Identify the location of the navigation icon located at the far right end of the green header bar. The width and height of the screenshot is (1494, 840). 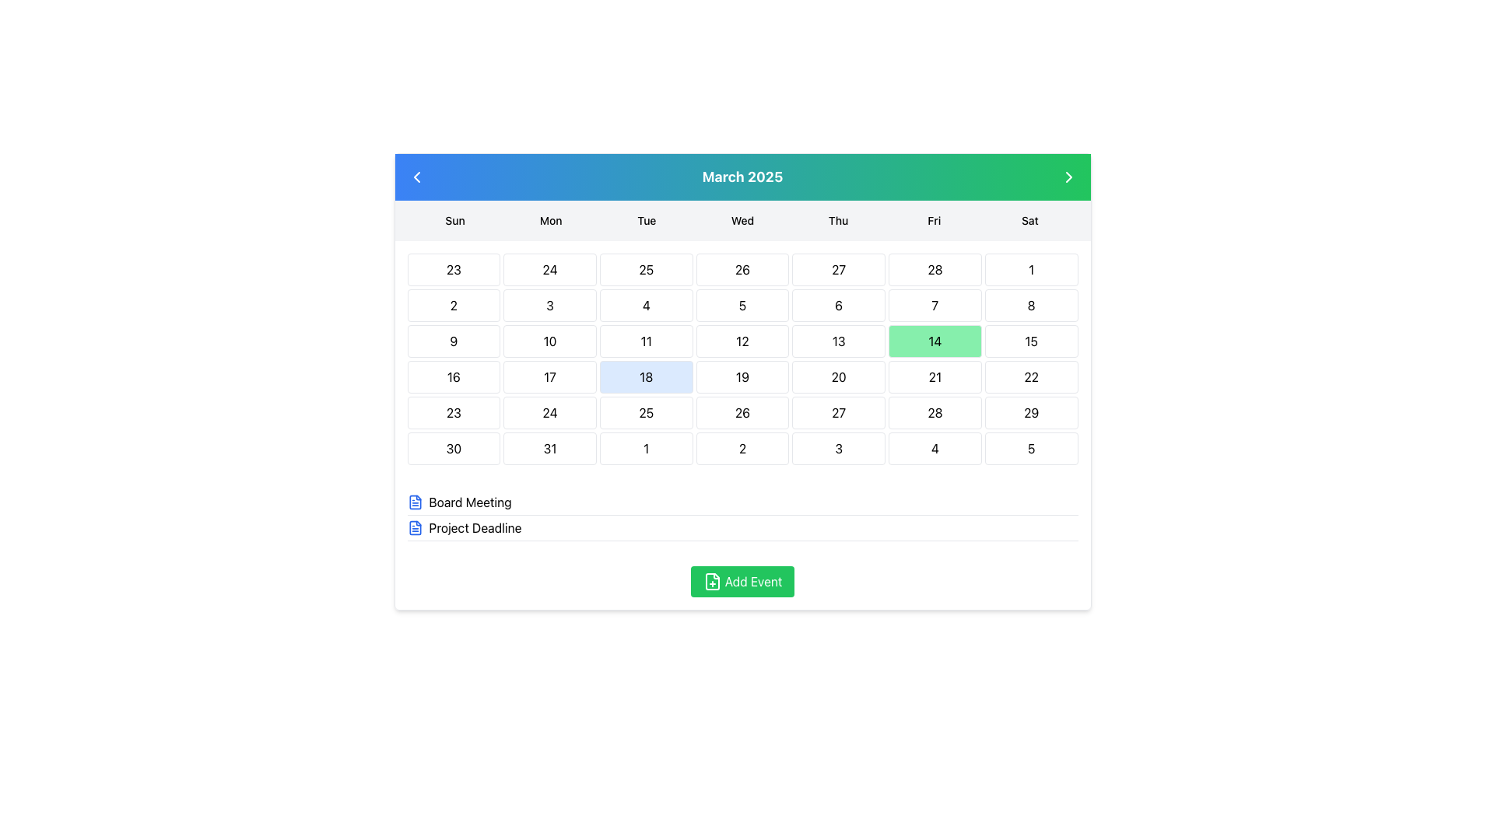
(1068, 176).